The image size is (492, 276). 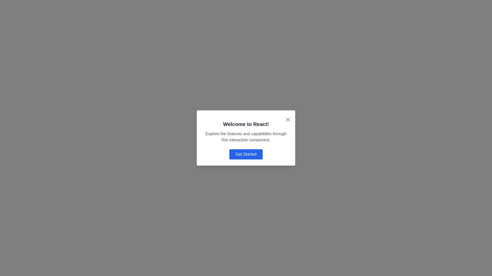 I want to click on the rectangular blue button labeled 'Get Started' located at the bottom of the content area, so click(x=246, y=154).